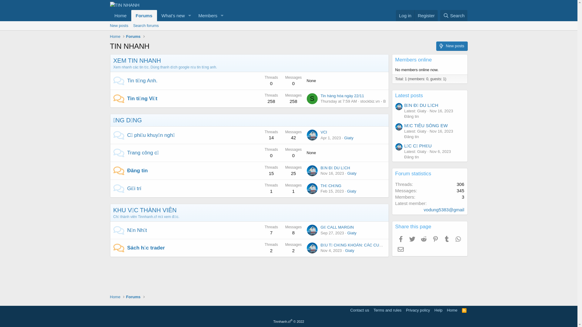 The height and width of the screenshot is (327, 582). What do you see at coordinates (387, 310) in the screenshot?
I see `'Terms and rules'` at bounding box center [387, 310].